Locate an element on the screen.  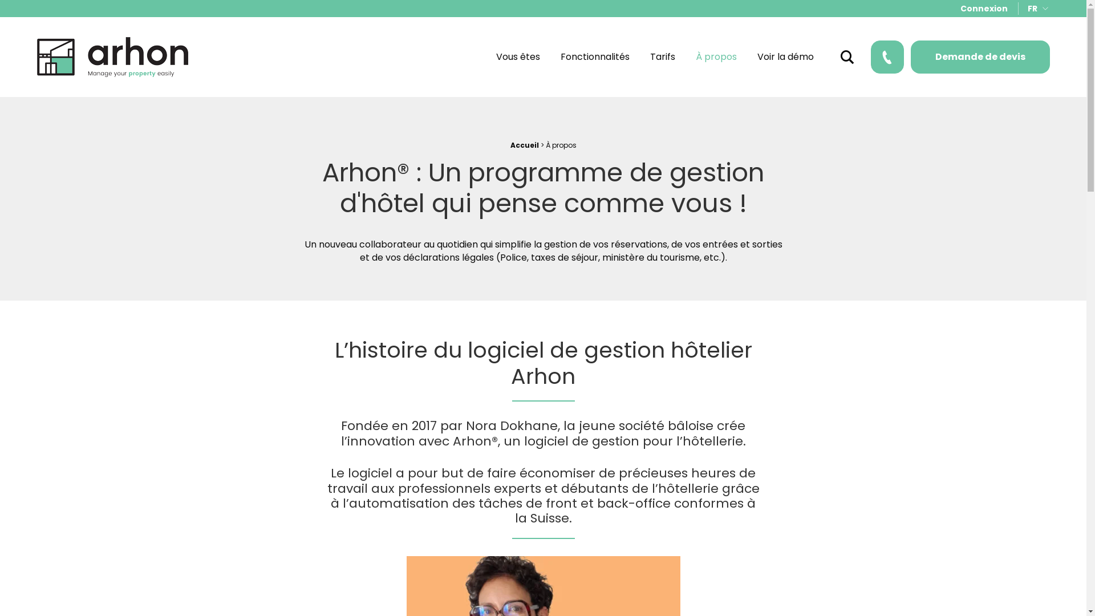
'Demande de devis' is located at coordinates (979, 57).